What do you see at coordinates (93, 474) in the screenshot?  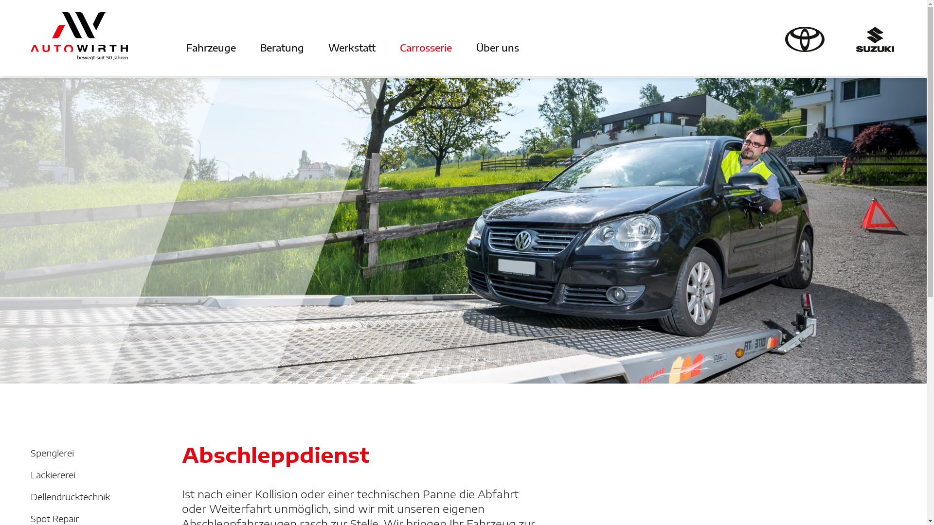 I see `'Lackiererei'` at bounding box center [93, 474].